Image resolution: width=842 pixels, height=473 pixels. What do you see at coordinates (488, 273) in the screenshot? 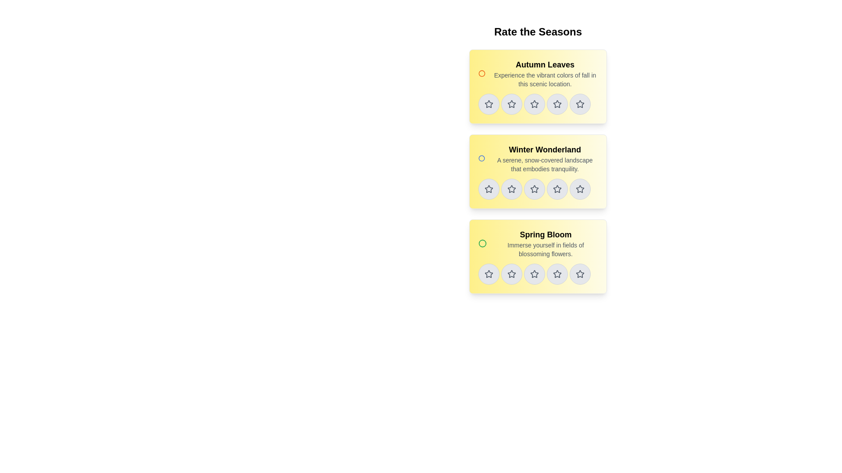
I see `the first star rating button in the 'Spring Bloom' section, which is a circular button with a gray border and light gray background, containing a star icon` at bounding box center [488, 273].